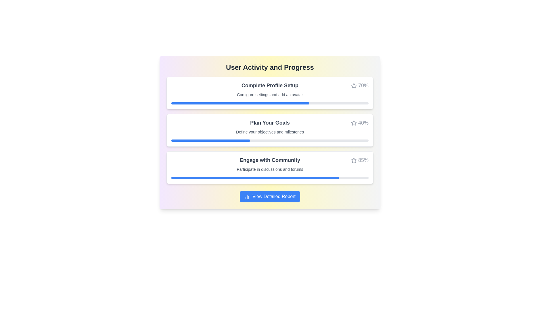  I want to click on the filled section of the progress bar indicating 70% completion for the 'Complete Profile Setup' task in the user activity dashboard, so click(240, 103).